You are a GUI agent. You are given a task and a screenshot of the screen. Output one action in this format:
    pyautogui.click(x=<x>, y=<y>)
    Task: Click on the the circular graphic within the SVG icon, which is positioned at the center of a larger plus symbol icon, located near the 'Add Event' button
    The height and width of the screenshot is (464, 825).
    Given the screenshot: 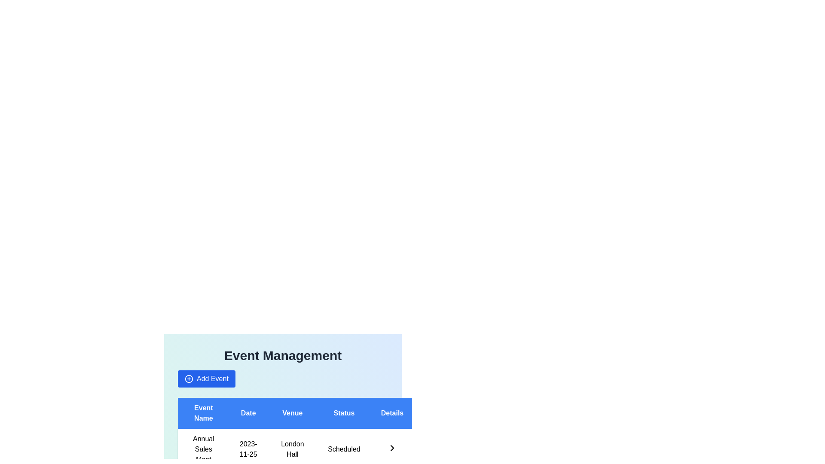 What is the action you would take?
    pyautogui.click(x=189, y=379)
    